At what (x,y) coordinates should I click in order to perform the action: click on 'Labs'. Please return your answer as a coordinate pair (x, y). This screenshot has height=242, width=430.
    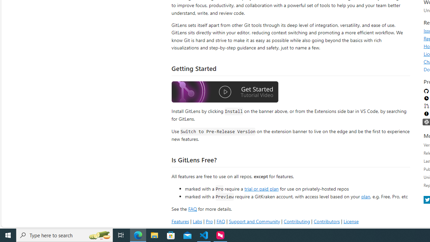
    Looking at the image, I should click on (197, 221).